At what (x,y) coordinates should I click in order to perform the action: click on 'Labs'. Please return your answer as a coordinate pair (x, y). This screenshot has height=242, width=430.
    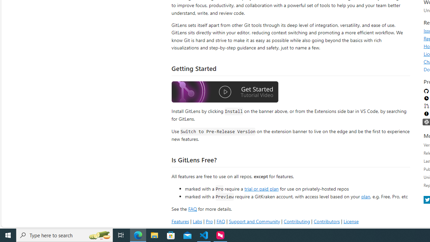
    Looking at the image, I should click on (197, 221).